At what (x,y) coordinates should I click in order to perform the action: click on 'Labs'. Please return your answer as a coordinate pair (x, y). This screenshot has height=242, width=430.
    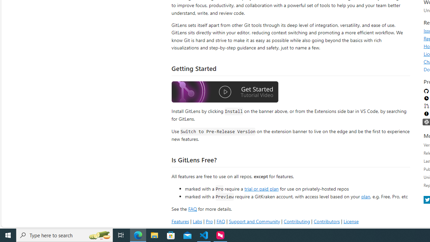
    Looking at the image, I should click on (197, 221).